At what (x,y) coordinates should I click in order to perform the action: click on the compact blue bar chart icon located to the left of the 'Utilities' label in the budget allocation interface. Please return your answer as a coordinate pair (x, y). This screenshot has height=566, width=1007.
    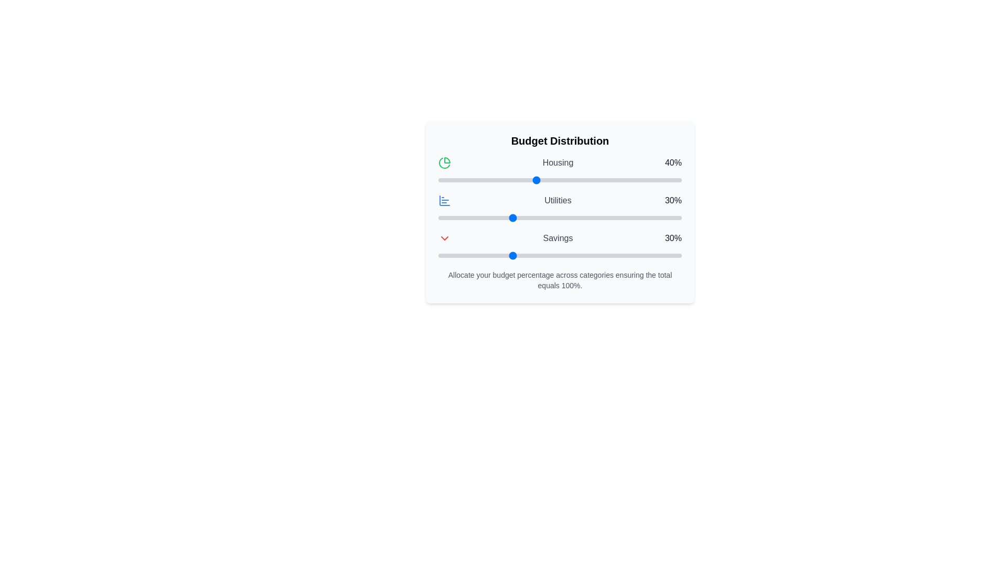
    Looking at the image, I should click on (445, 200).